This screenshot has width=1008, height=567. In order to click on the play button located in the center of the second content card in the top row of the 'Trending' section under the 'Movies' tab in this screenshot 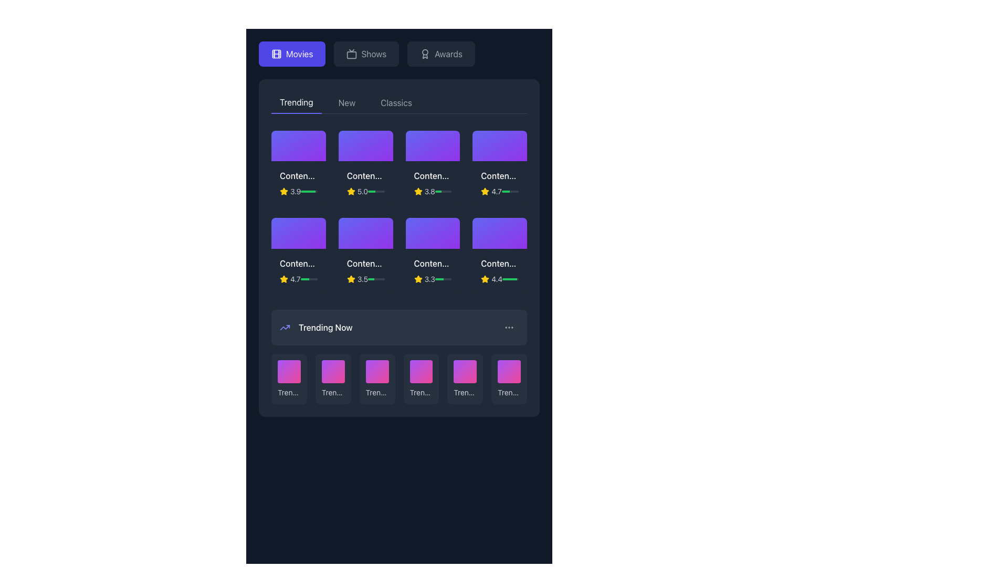, I will do `click(365, 146)`.